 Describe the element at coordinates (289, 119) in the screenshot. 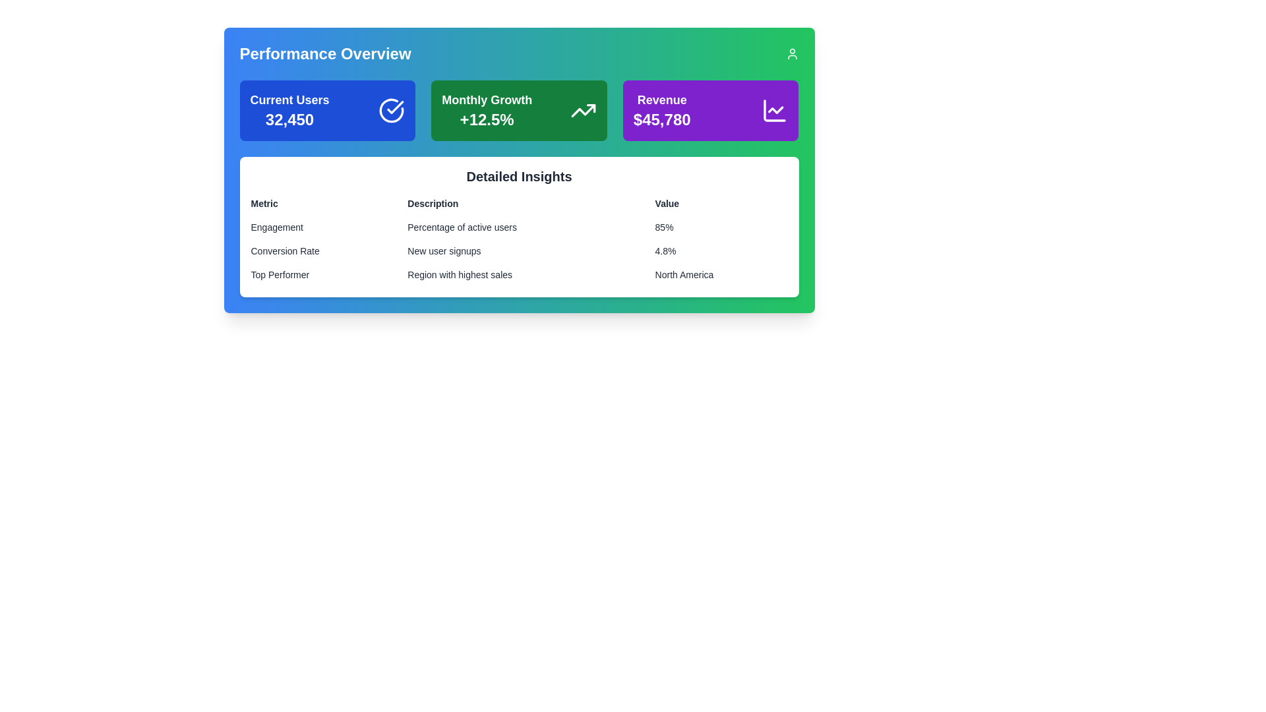

I see `the text displaying the number '32,450' in bold, large font, located on the leftmost card below the title 'Current Users'` at that location.